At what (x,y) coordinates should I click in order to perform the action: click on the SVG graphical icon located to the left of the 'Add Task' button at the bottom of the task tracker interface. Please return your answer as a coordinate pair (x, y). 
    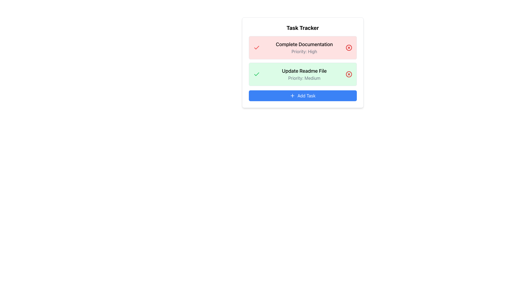
    Looking at the image, I should click on (292, 95).